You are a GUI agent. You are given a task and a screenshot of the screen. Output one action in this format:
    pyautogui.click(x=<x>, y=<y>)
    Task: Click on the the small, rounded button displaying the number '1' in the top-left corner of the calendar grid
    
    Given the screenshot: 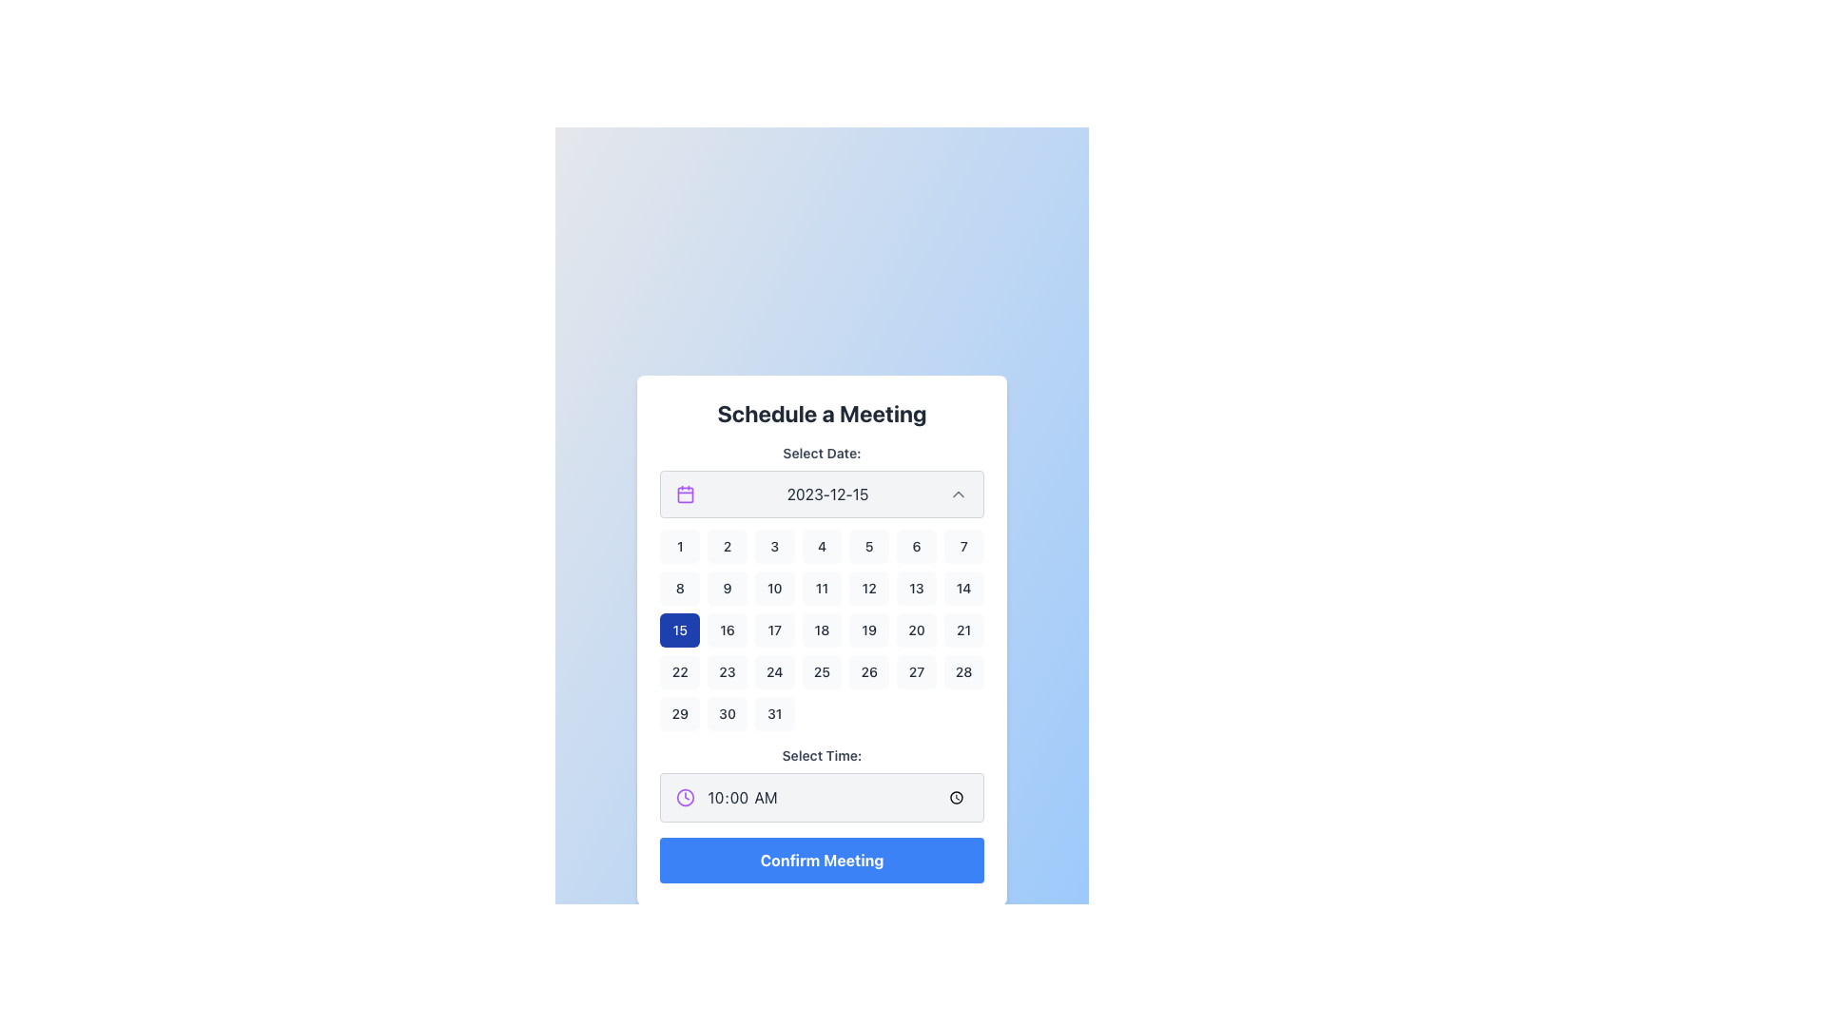 What is the action you would take?
    pyautogui.click(x=680, y=546)
    